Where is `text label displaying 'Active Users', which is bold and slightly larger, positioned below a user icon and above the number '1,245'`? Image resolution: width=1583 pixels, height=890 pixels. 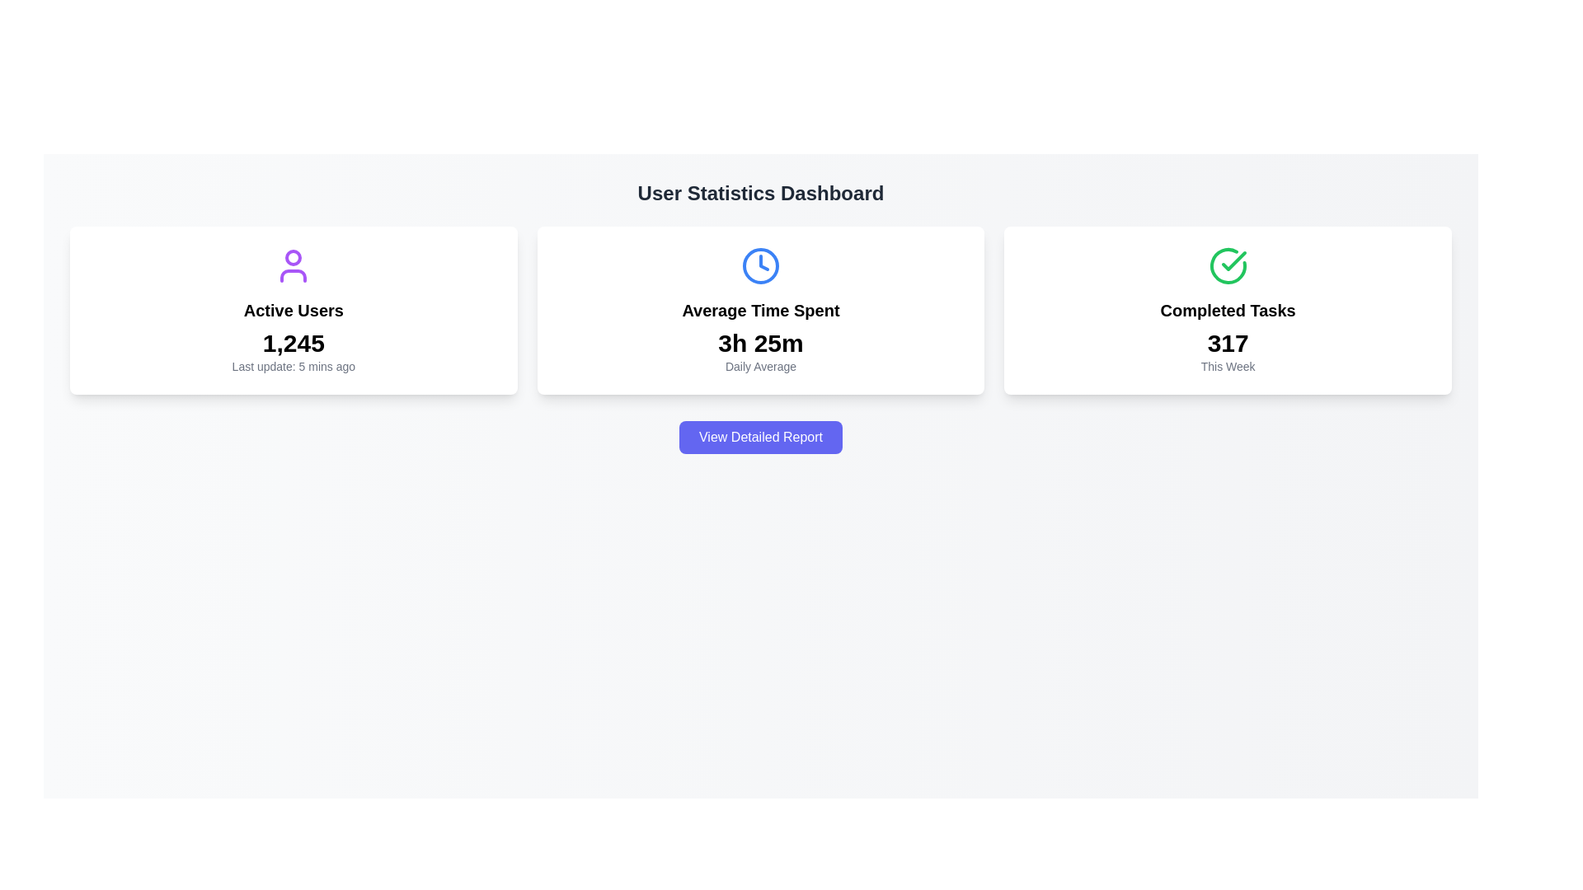
text label displaying 'Active Users', which is bold and slightly larger, positioned below a user icon and above the number '1,245' is located at coordinates (294, 311).